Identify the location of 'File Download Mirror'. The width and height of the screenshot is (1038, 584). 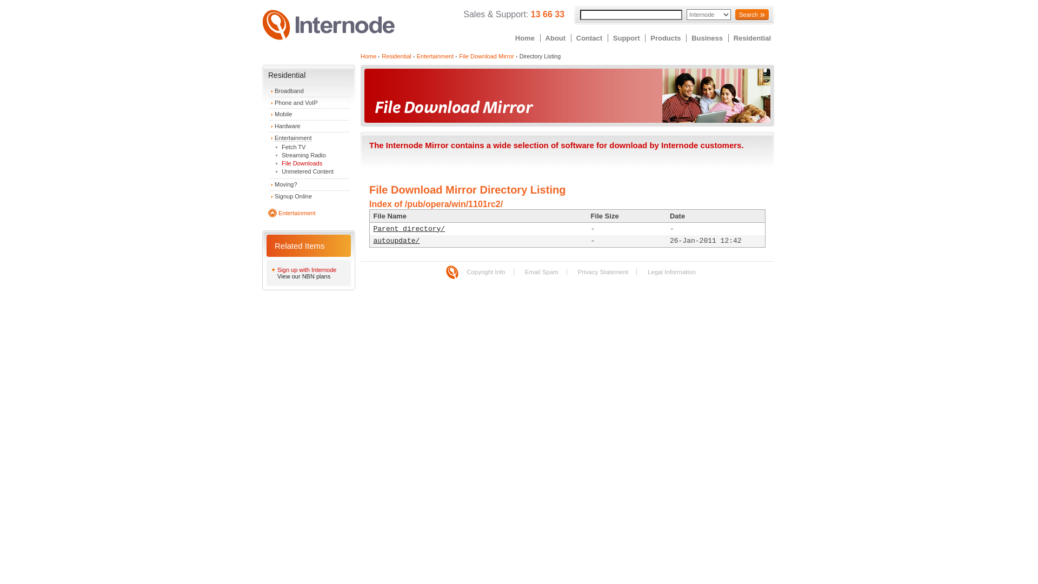
(485, 56).